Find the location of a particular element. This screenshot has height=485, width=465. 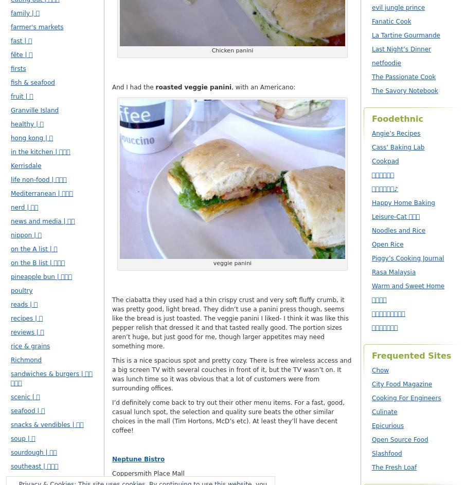

'sourdough | 酸包' is located at coordinates (33, 453).